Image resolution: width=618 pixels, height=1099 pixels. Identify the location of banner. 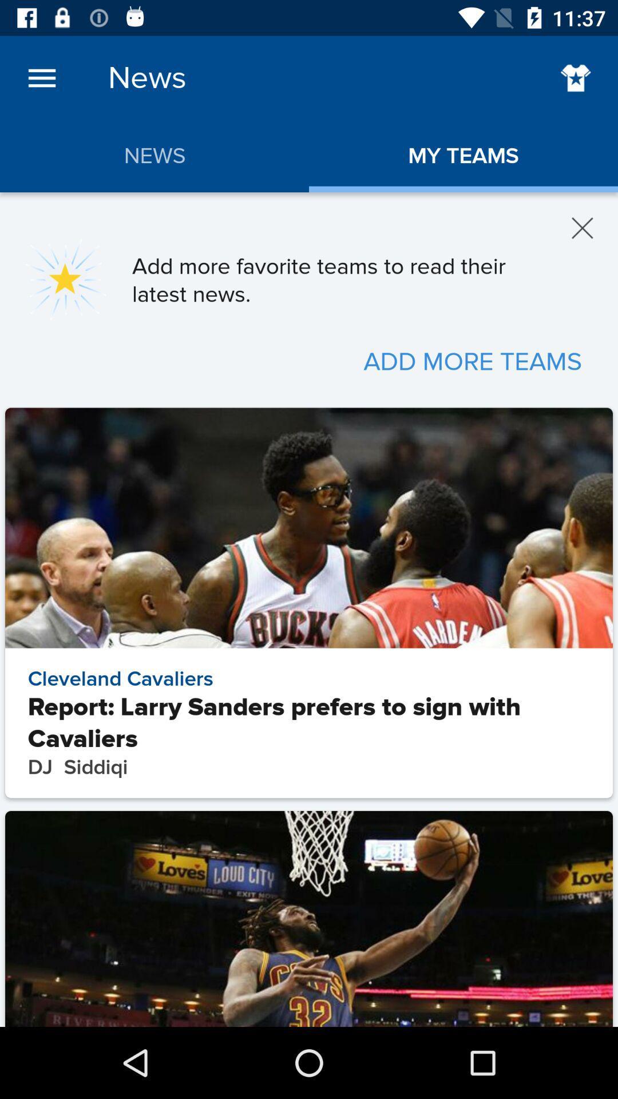
(583, 228).